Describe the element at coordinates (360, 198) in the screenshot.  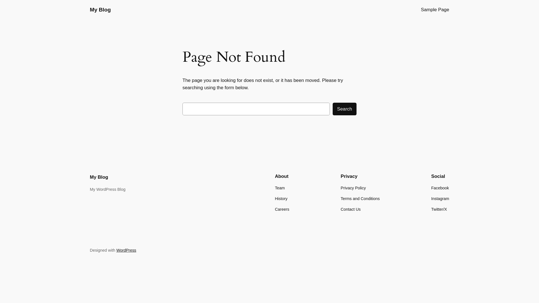
I see `'Terms and Conditions'` at that location.